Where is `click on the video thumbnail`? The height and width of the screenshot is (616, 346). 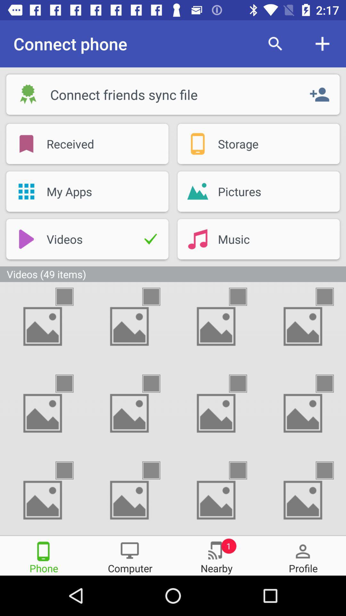
click on the video thumbnail is located at coordinates (70, 383).